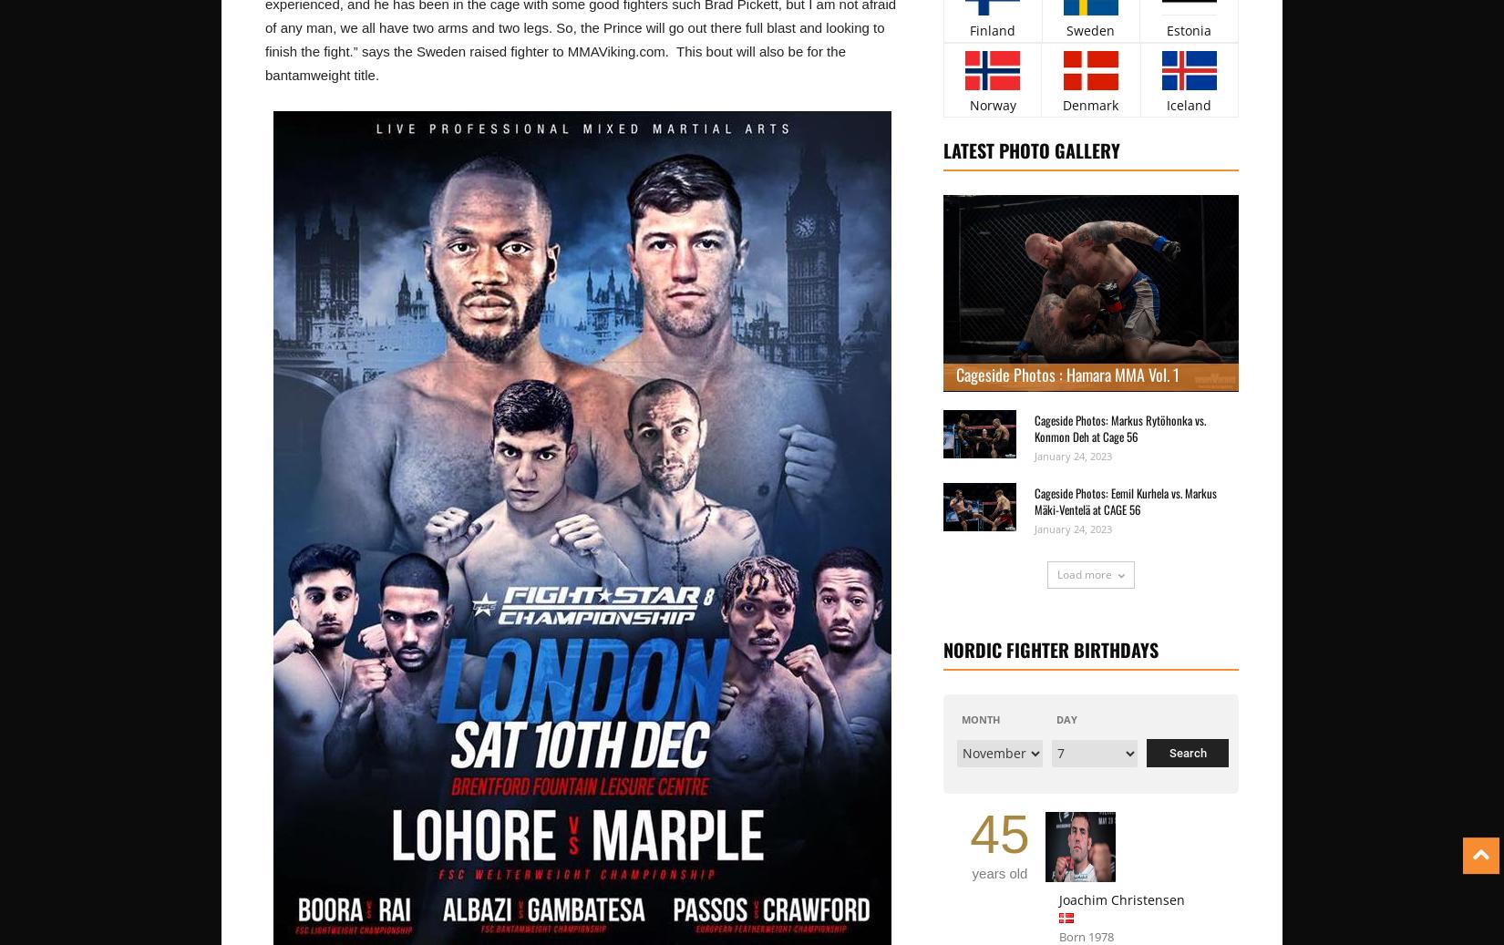 The image size is (1504, 945). Describe the element at coordinates (1090, 28) in the screenshot. I see `'Sweden'` at that location.